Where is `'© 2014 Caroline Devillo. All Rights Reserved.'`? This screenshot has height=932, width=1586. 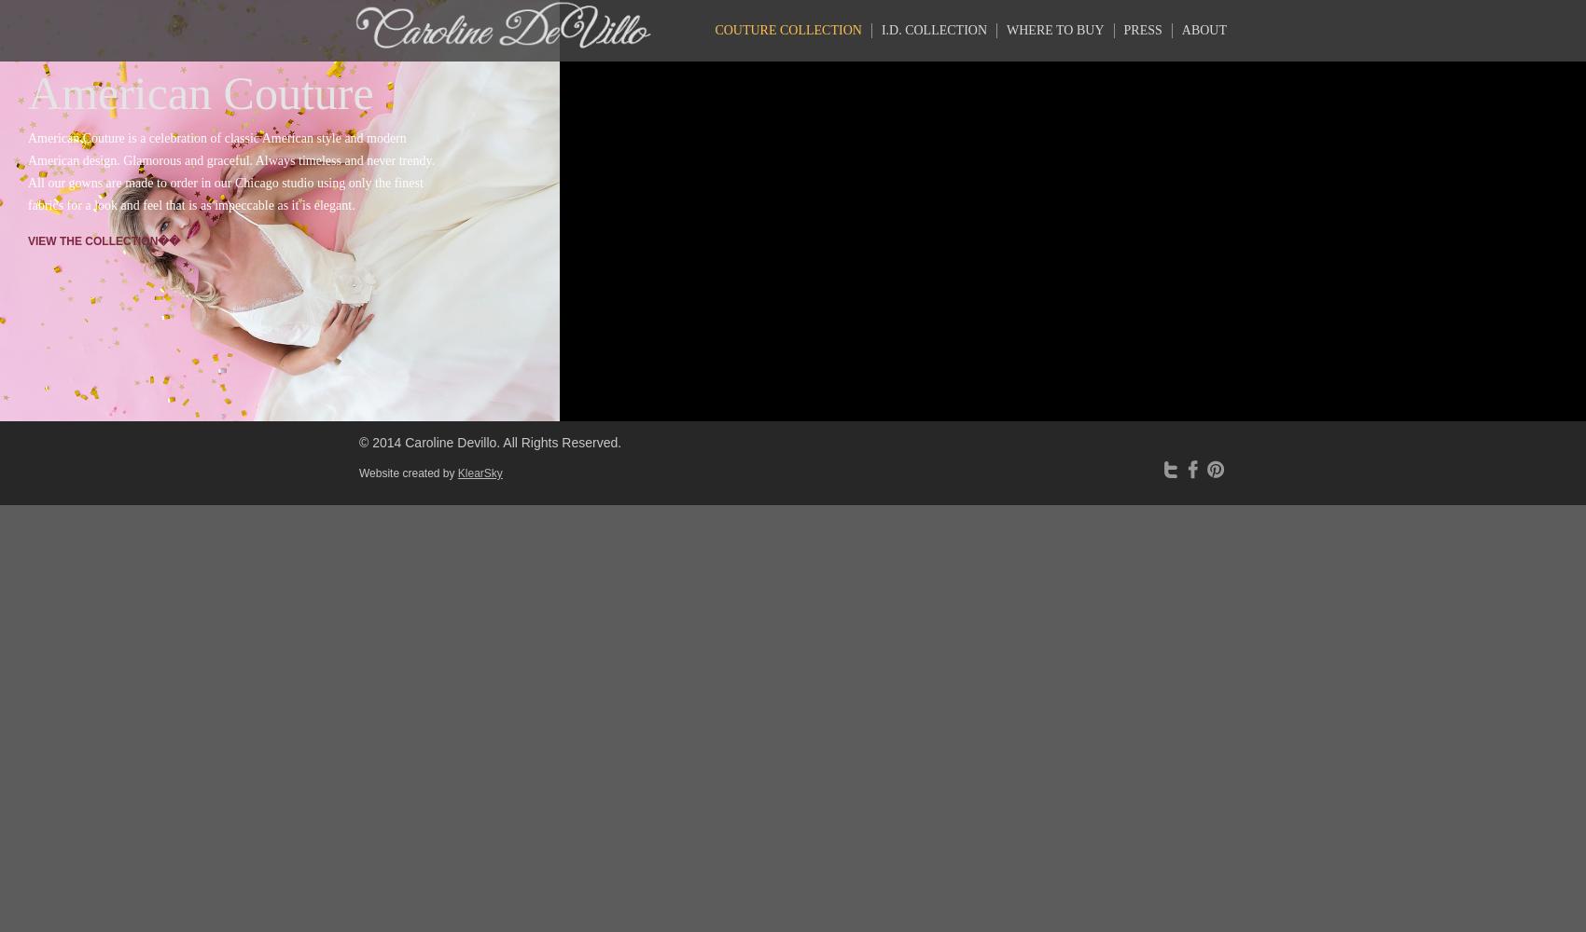
'© 2014 Caroline Devillo. All Rights Reserved.' is located at coordinates (490, 442).